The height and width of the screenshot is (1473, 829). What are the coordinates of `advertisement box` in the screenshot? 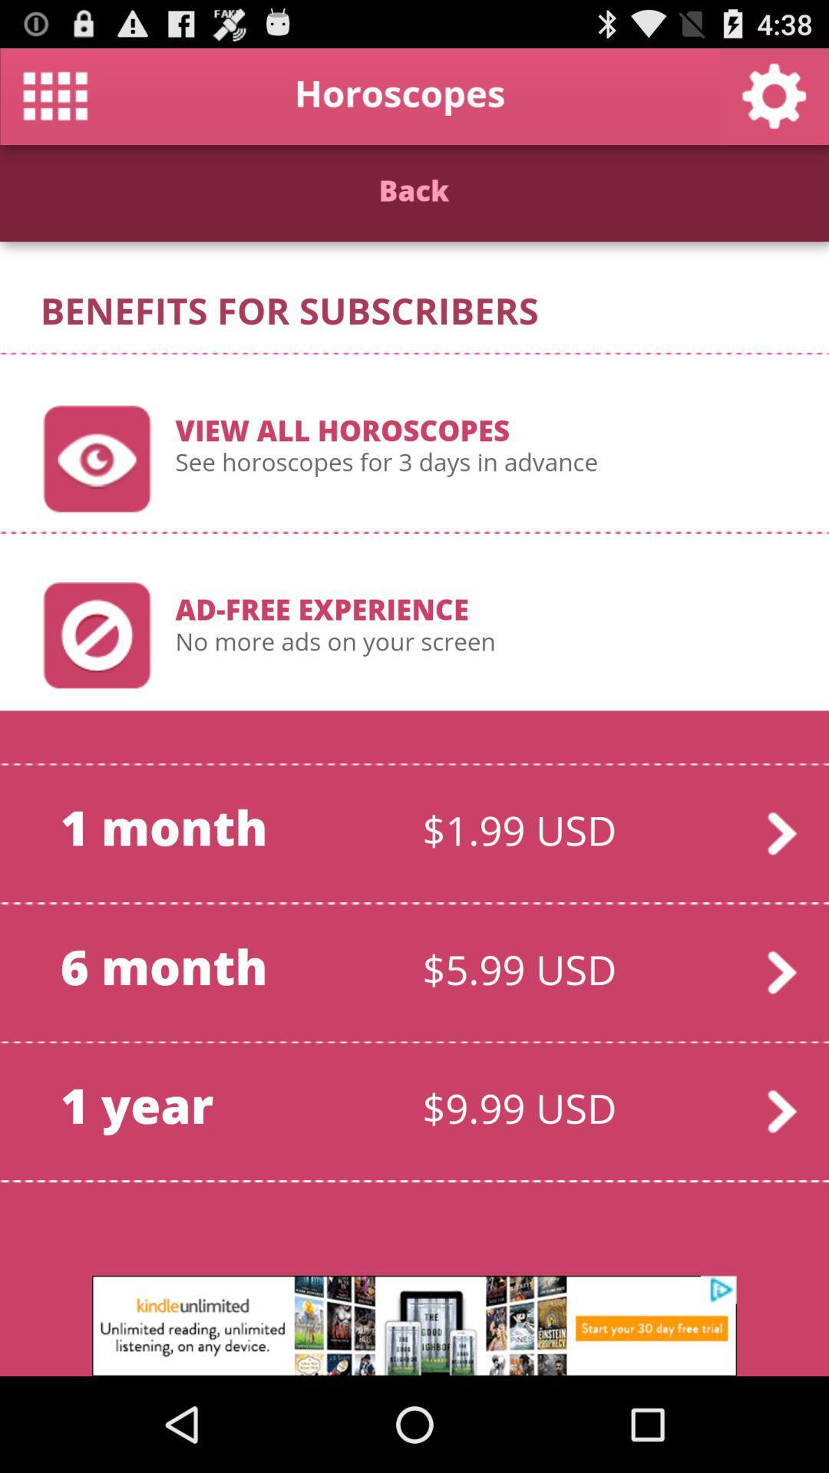 It's located at (414, 1325).